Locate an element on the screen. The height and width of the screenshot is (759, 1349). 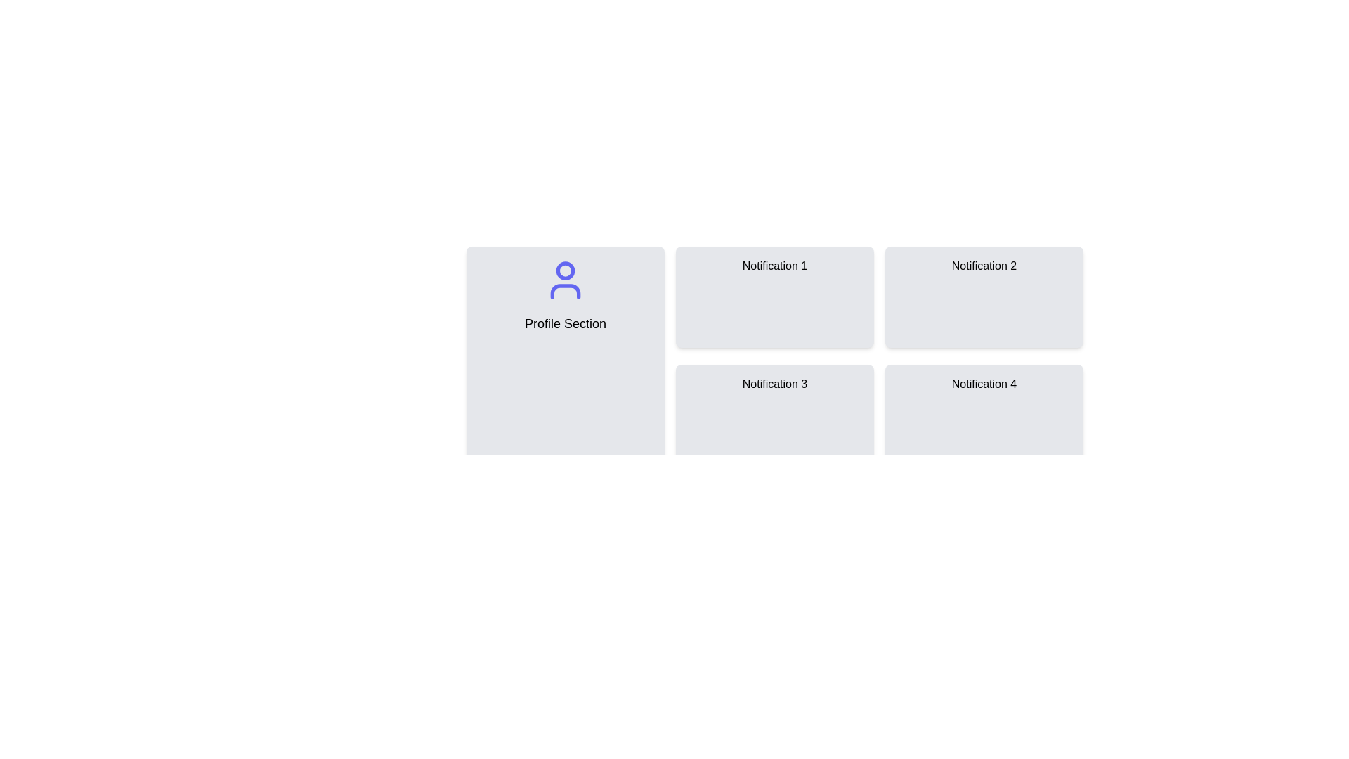
the second notification card located in the top right corner of the grid layout, which displays information or messages to the user is located at coordinates (984, 297).